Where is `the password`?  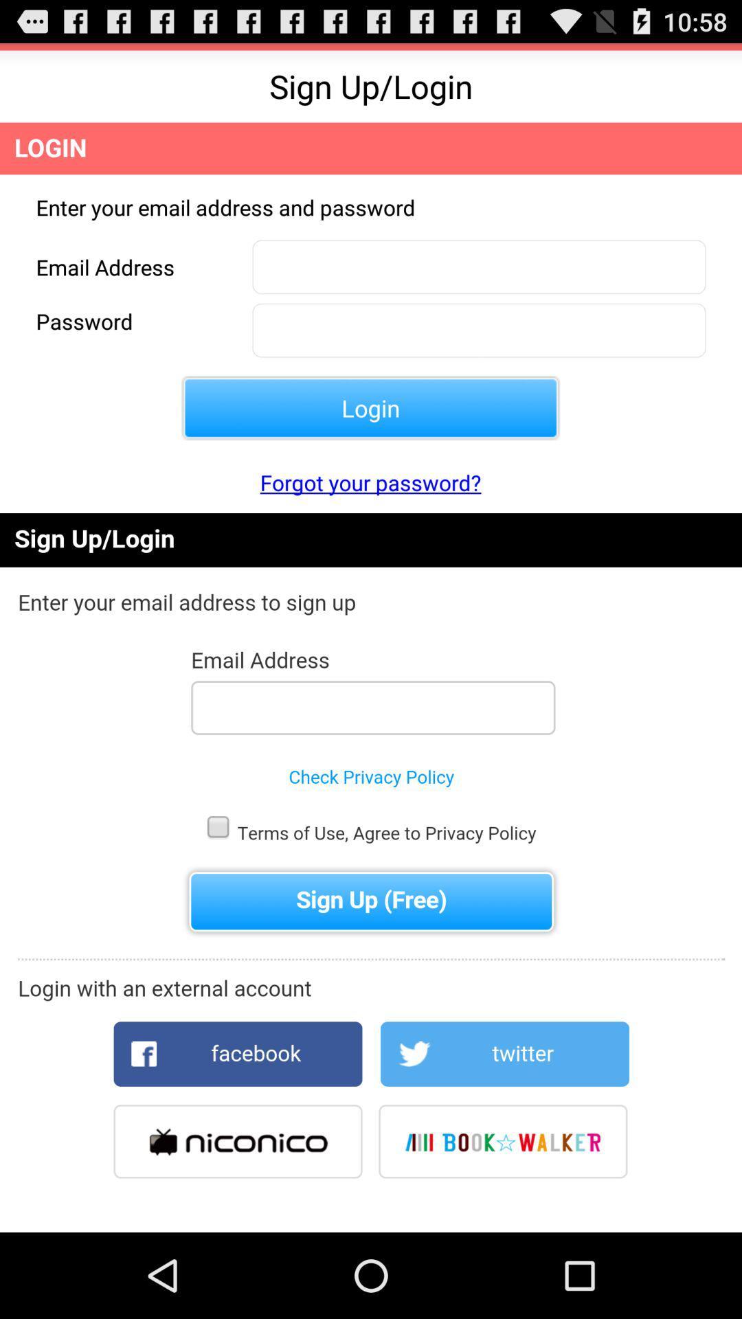
the password is located at coordinates (478, 330).